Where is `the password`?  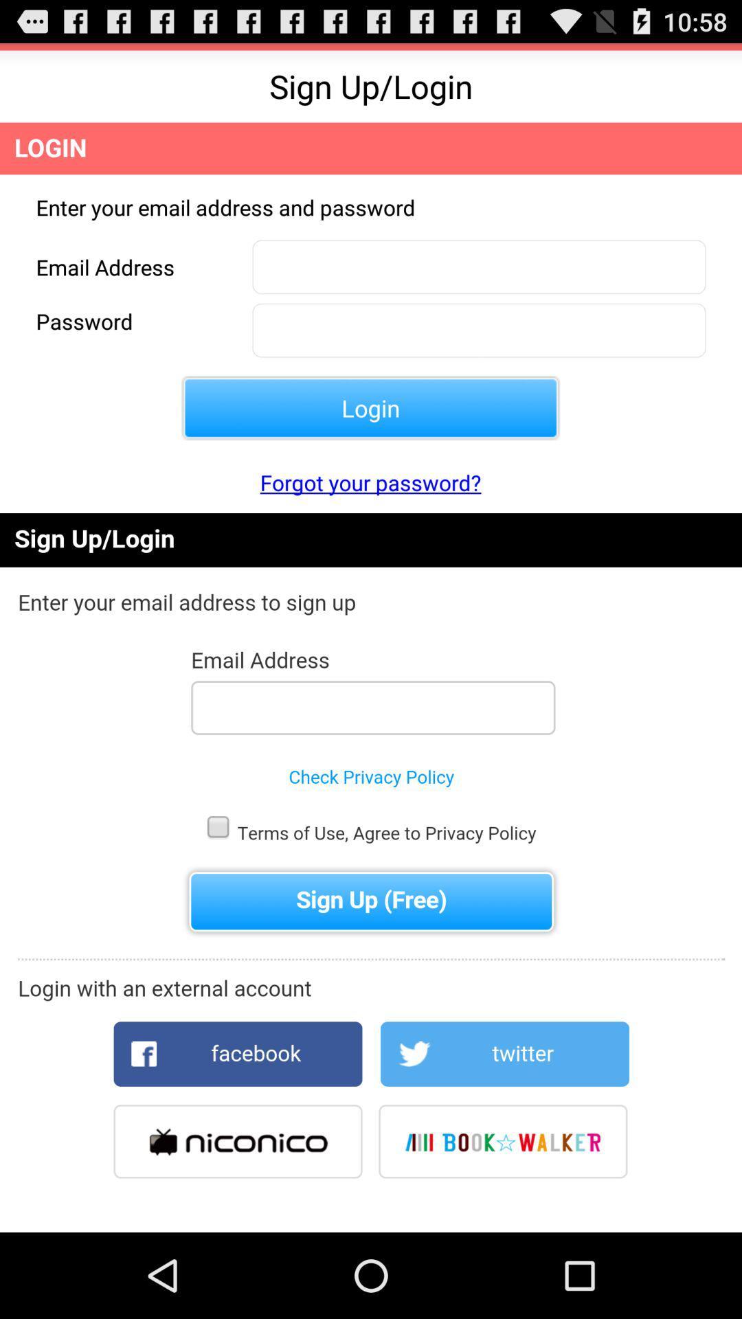
the password is located at coordinates (478, 330).